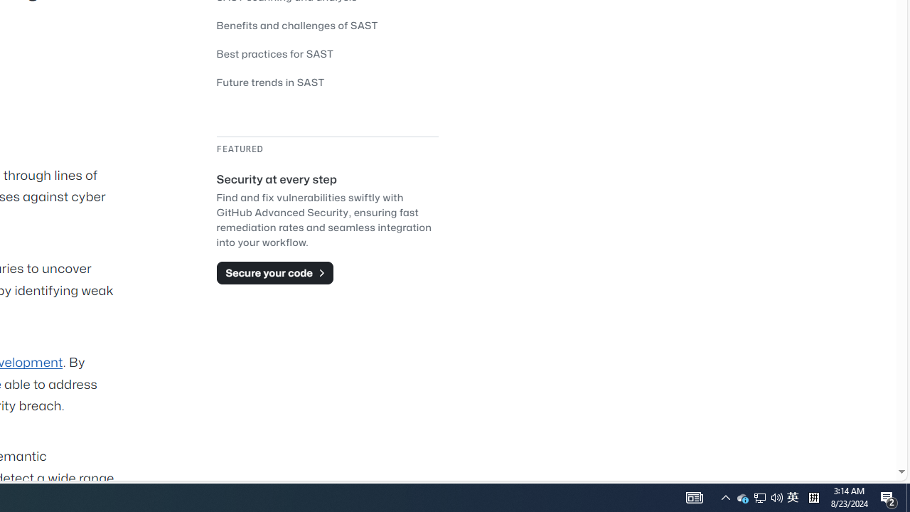  What do you see at coordinates (274, 272) in the screenshot?
I see `'Secure your code'` at bounding box center [274, 272].